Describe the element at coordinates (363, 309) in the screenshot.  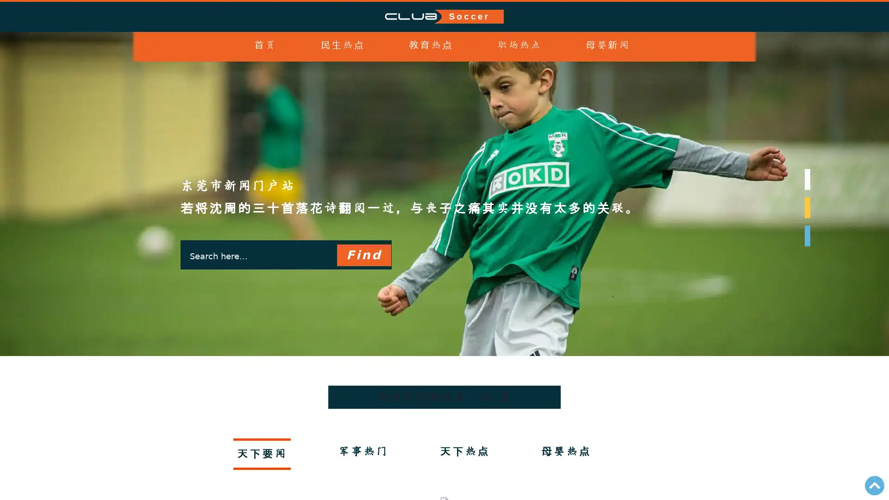
I see `Find` at that location.